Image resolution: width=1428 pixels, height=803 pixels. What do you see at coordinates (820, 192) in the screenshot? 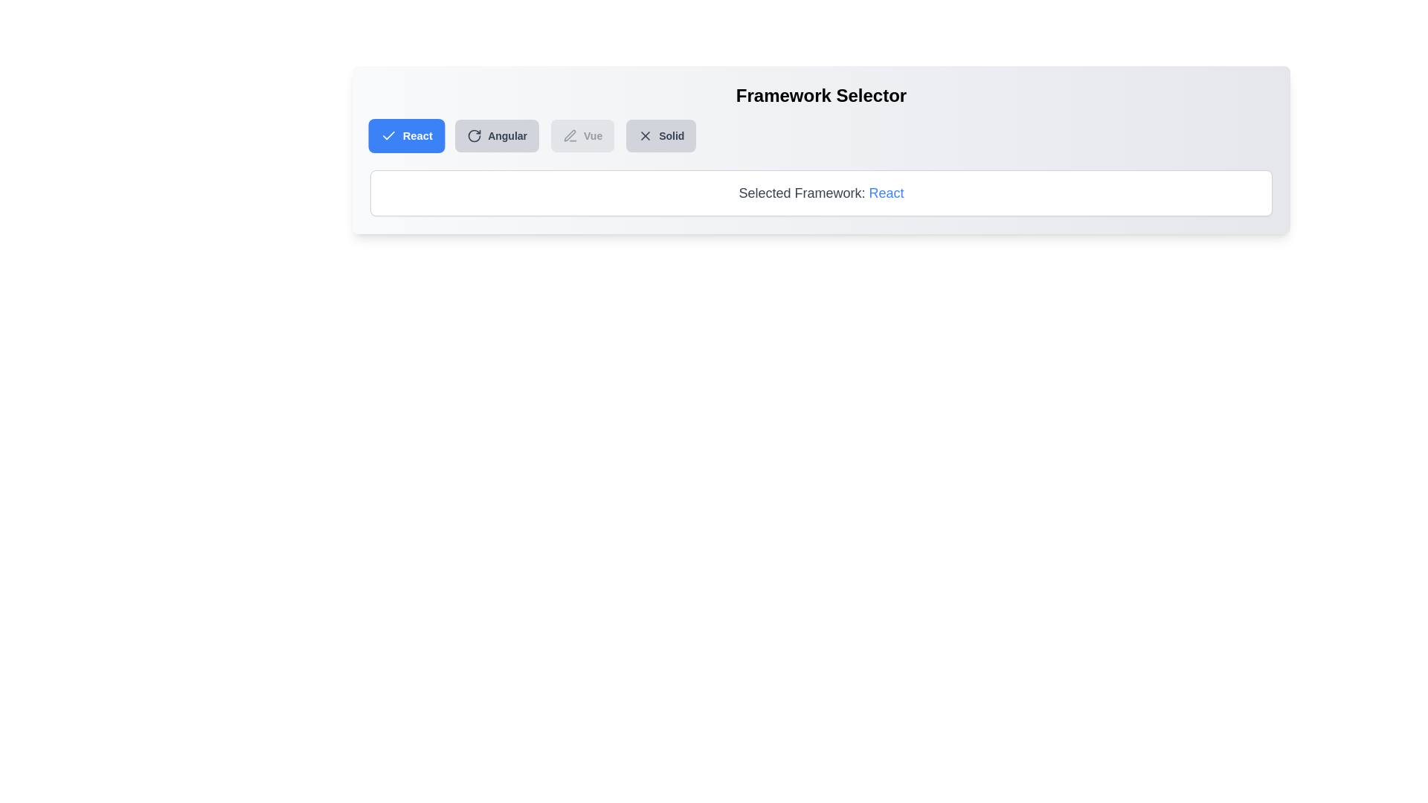
I see `the text label displaying 'Selected Framework: React', which is styled with a bold font and features blue-colored text for 'React'` at bounding box center [820, 192].